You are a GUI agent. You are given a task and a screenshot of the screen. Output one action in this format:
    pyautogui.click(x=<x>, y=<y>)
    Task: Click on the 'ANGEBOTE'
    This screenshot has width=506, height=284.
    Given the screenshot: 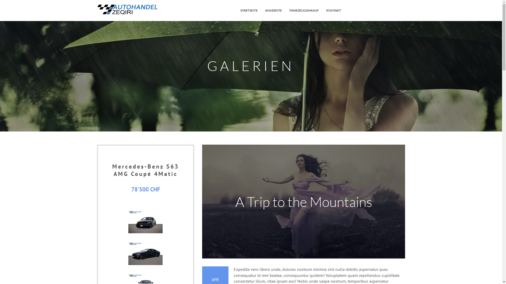 What is the action you would take?
    pyautogui.click(x=273, y=10)
    